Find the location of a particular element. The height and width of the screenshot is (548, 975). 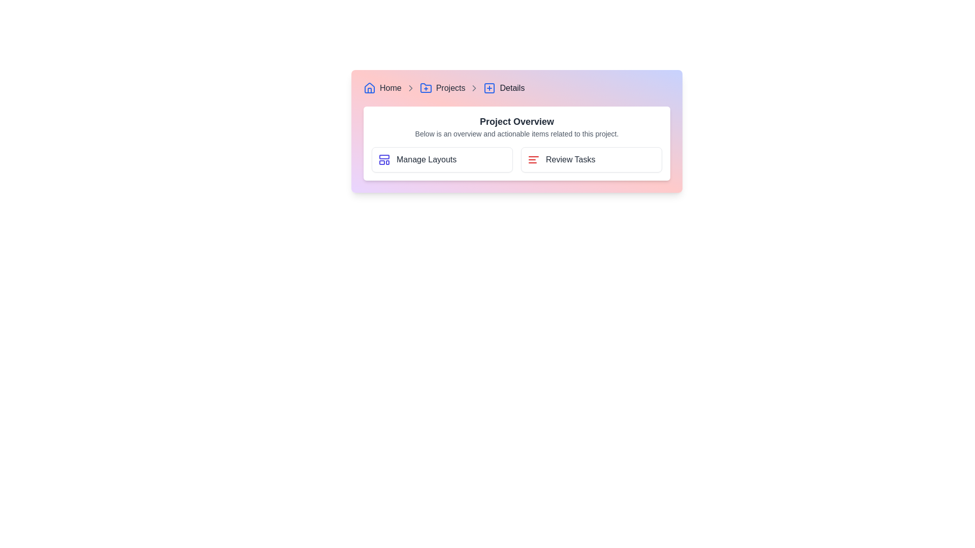

the Text Label indicating the current page in the breadcrumb navigation bar, which is the last item following 'Projects' is located at coordinates (512, 87).